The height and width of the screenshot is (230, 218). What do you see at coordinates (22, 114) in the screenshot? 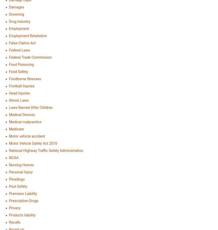
I see `'Medical Devices'` at bounding box center [22, 114].